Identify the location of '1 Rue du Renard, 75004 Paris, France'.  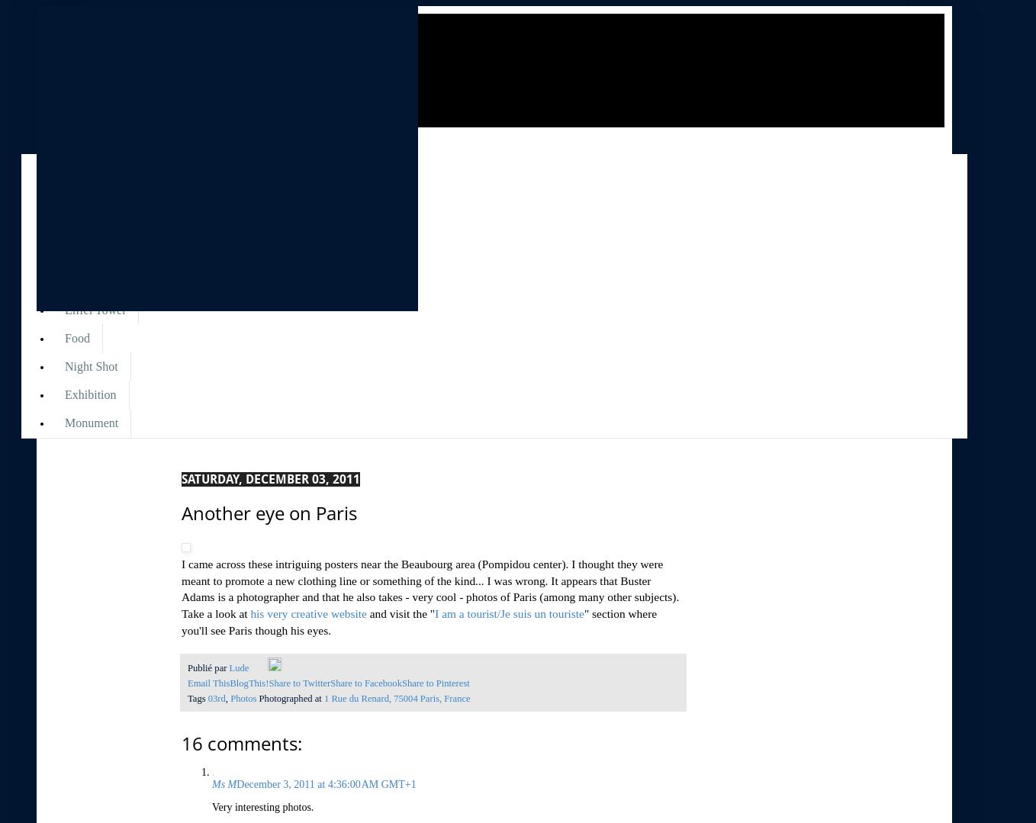
(395, 698).